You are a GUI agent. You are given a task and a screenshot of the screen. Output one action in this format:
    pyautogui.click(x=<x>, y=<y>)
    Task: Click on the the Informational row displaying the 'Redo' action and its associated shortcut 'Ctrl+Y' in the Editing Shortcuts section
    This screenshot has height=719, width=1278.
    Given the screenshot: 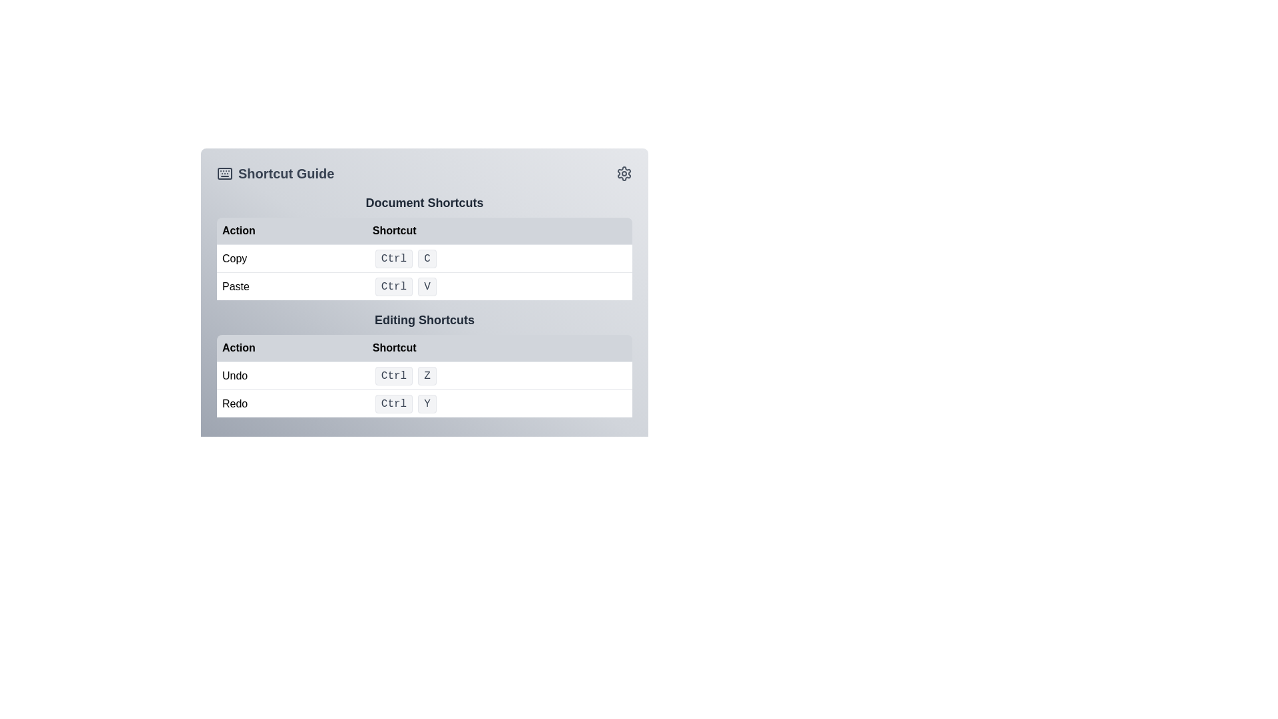 What is the action you would take?
    pyautogui.click(x=424, y=402)
    